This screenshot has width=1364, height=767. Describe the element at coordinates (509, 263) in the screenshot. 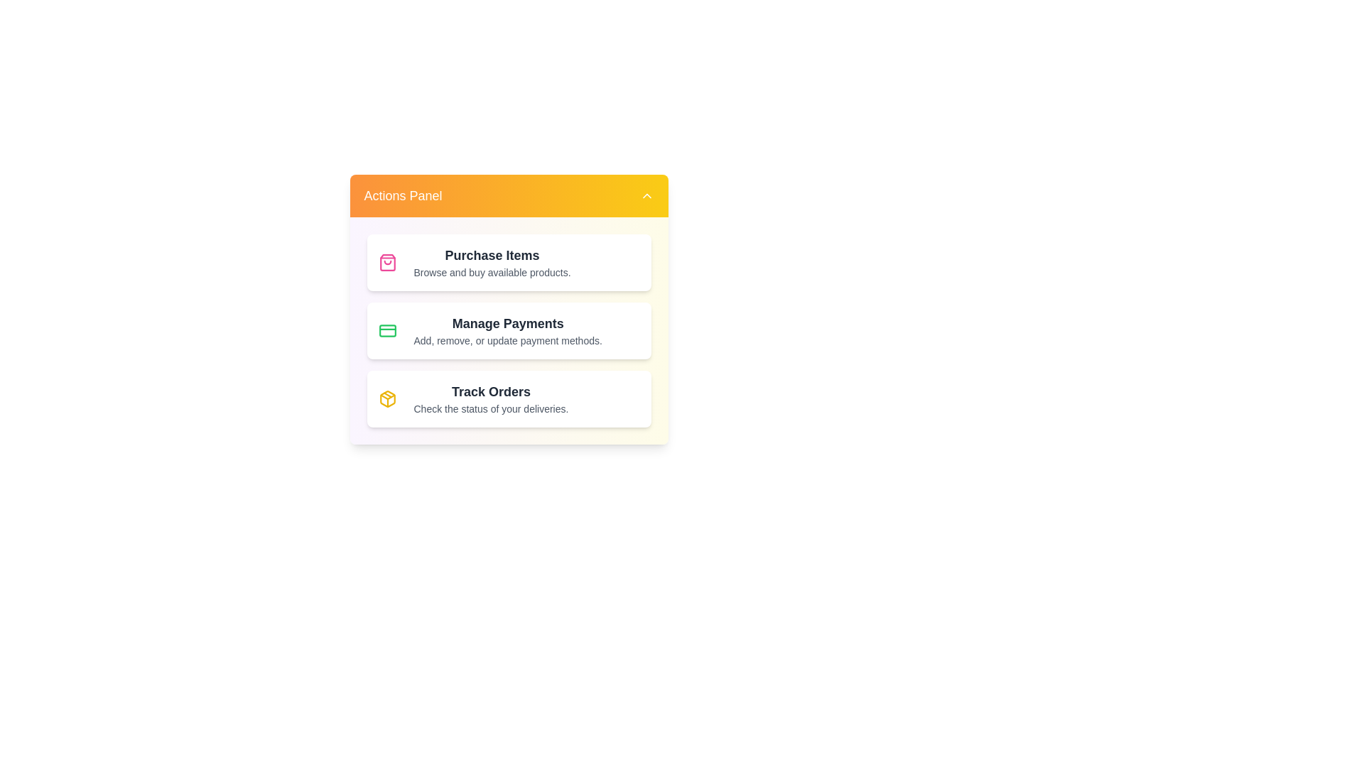

I see `the action item Purchase Items to reveal further details` at that location.